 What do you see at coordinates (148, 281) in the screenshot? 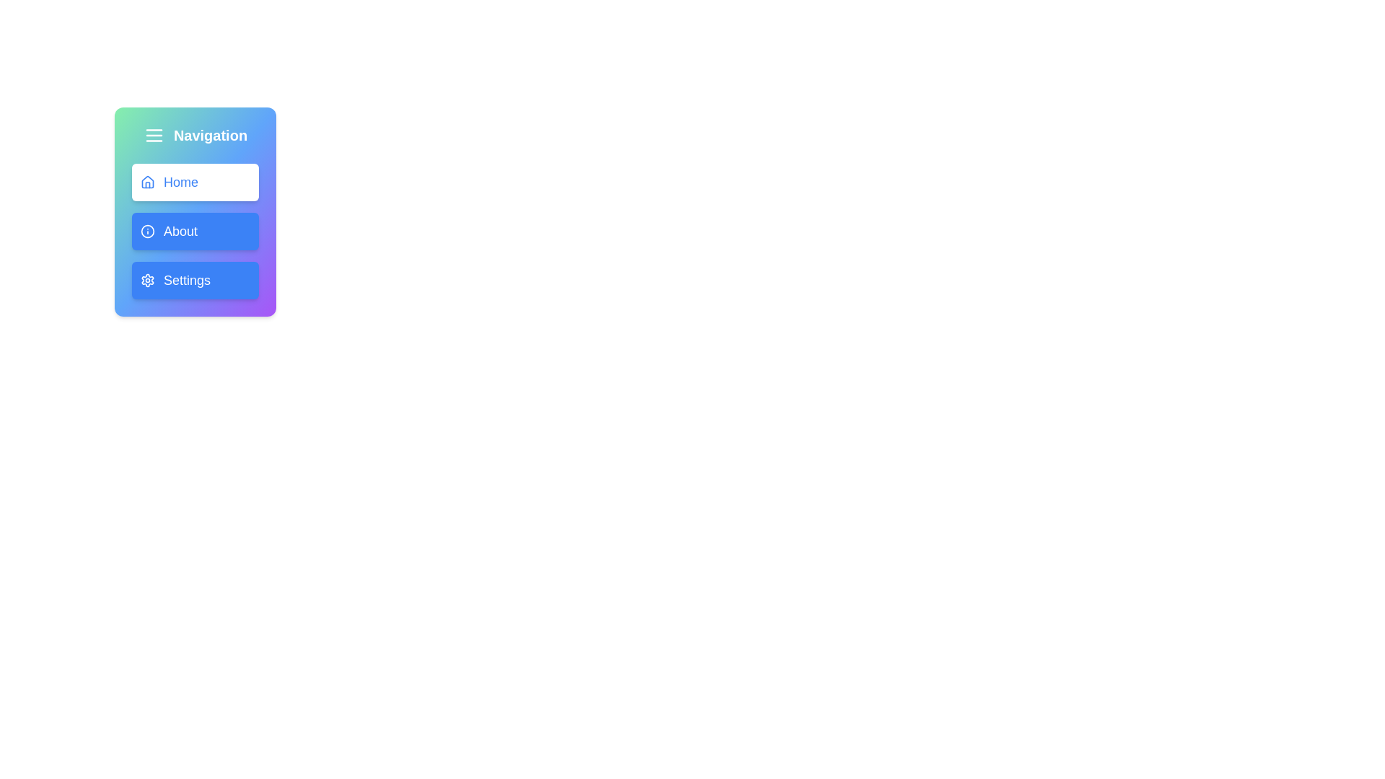
I see `the settings icon located inside the 'Settings' button, which is the third option in the top left navigation menu` at bounding box center [148, 281].